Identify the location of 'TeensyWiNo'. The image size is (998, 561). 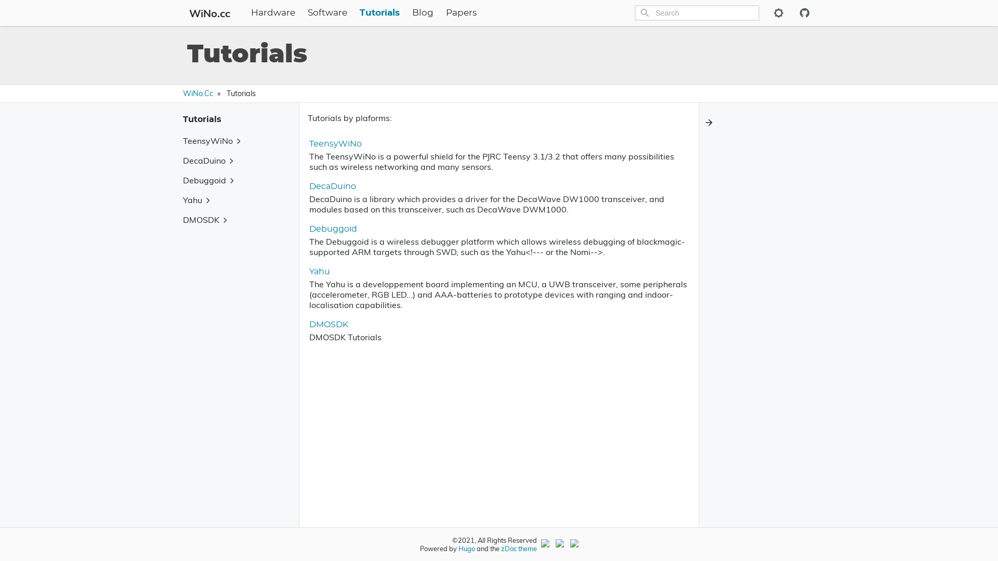
(335, 144).